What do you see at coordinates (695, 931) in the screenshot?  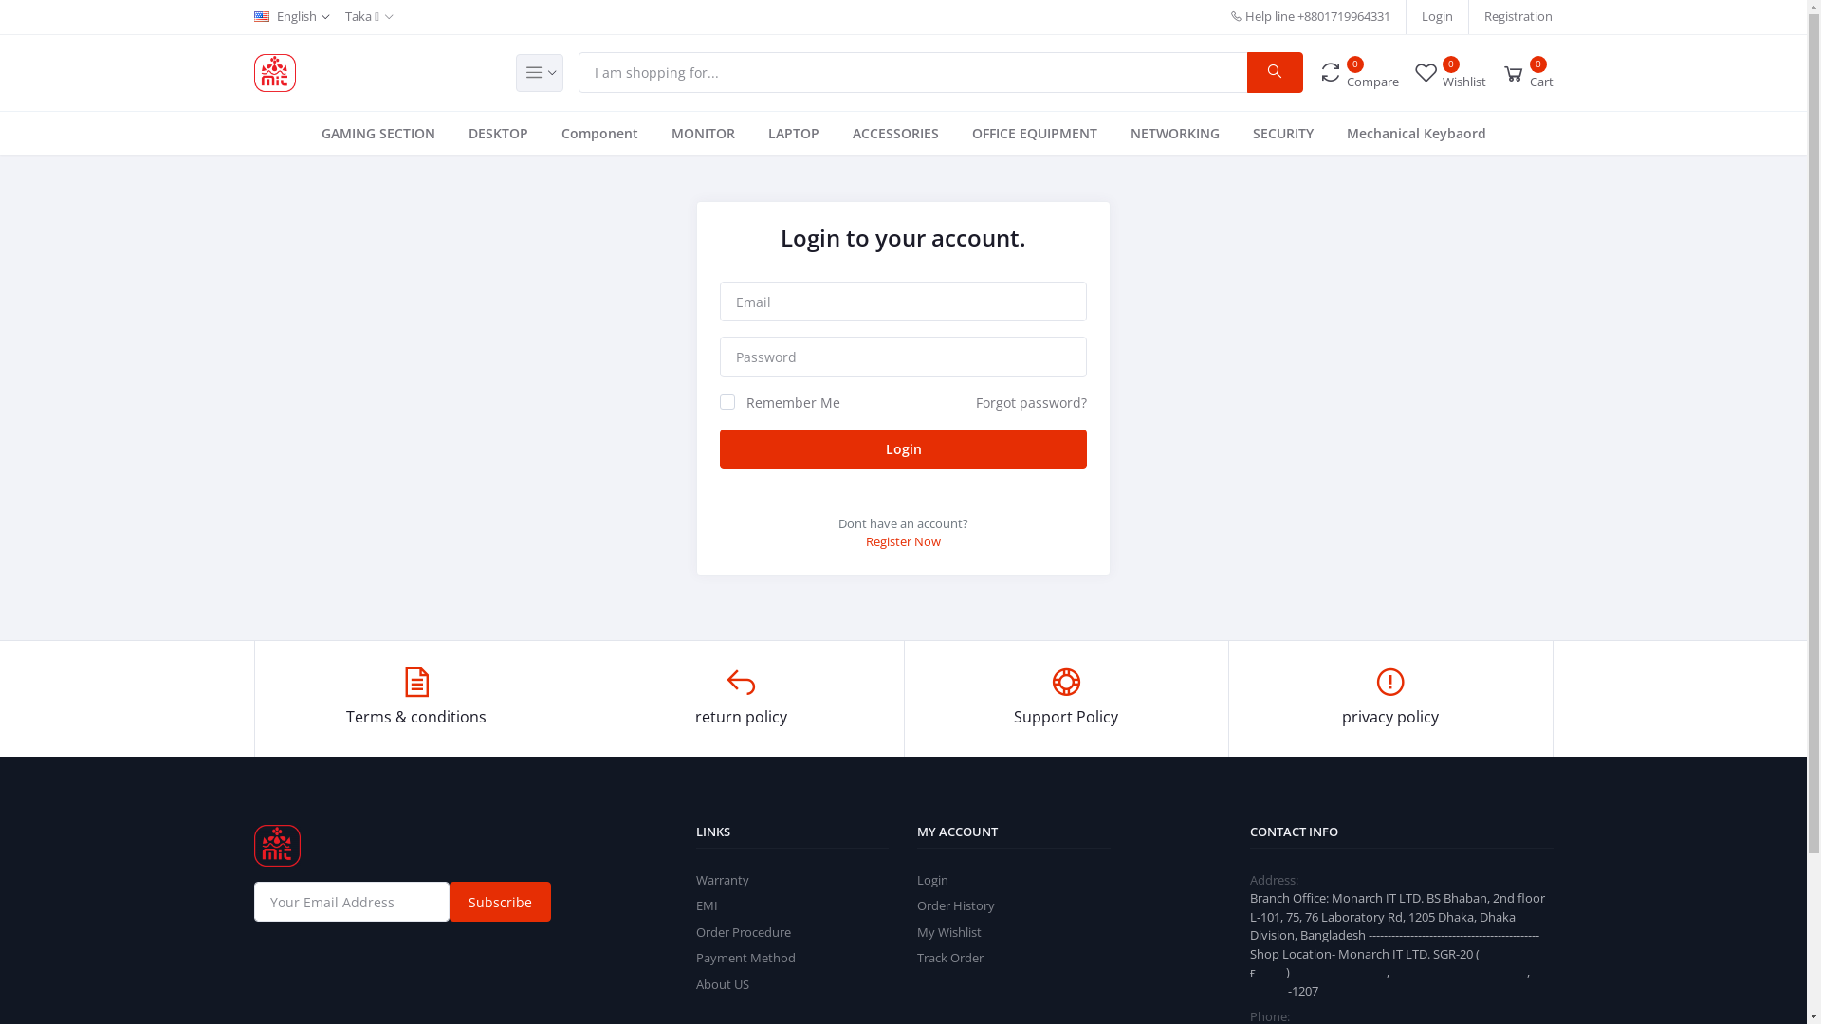 I see `'Order Procedure'` at bounding box center [695, 931].